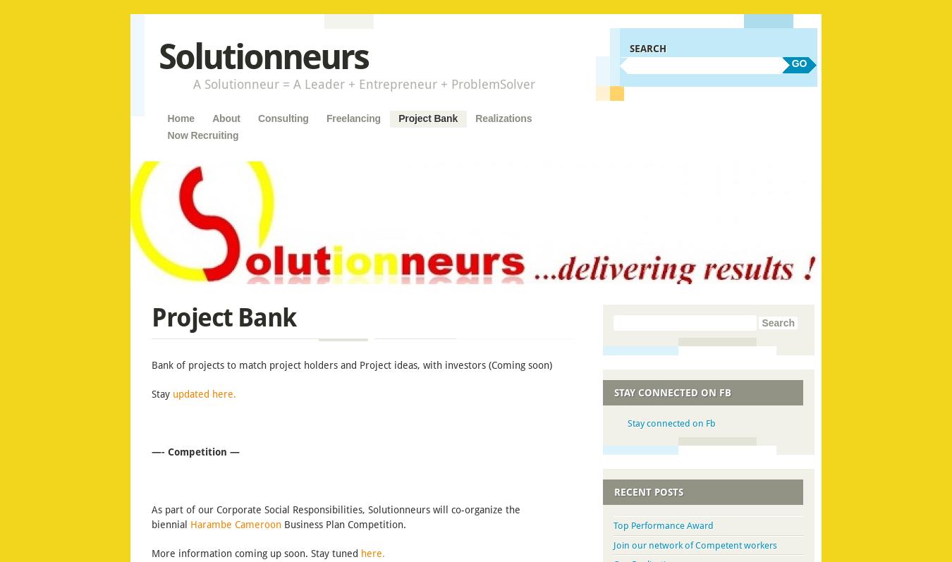  Describe the element at coordinates (160, 393) in the screenshot. I see `'Stay'` at that location.